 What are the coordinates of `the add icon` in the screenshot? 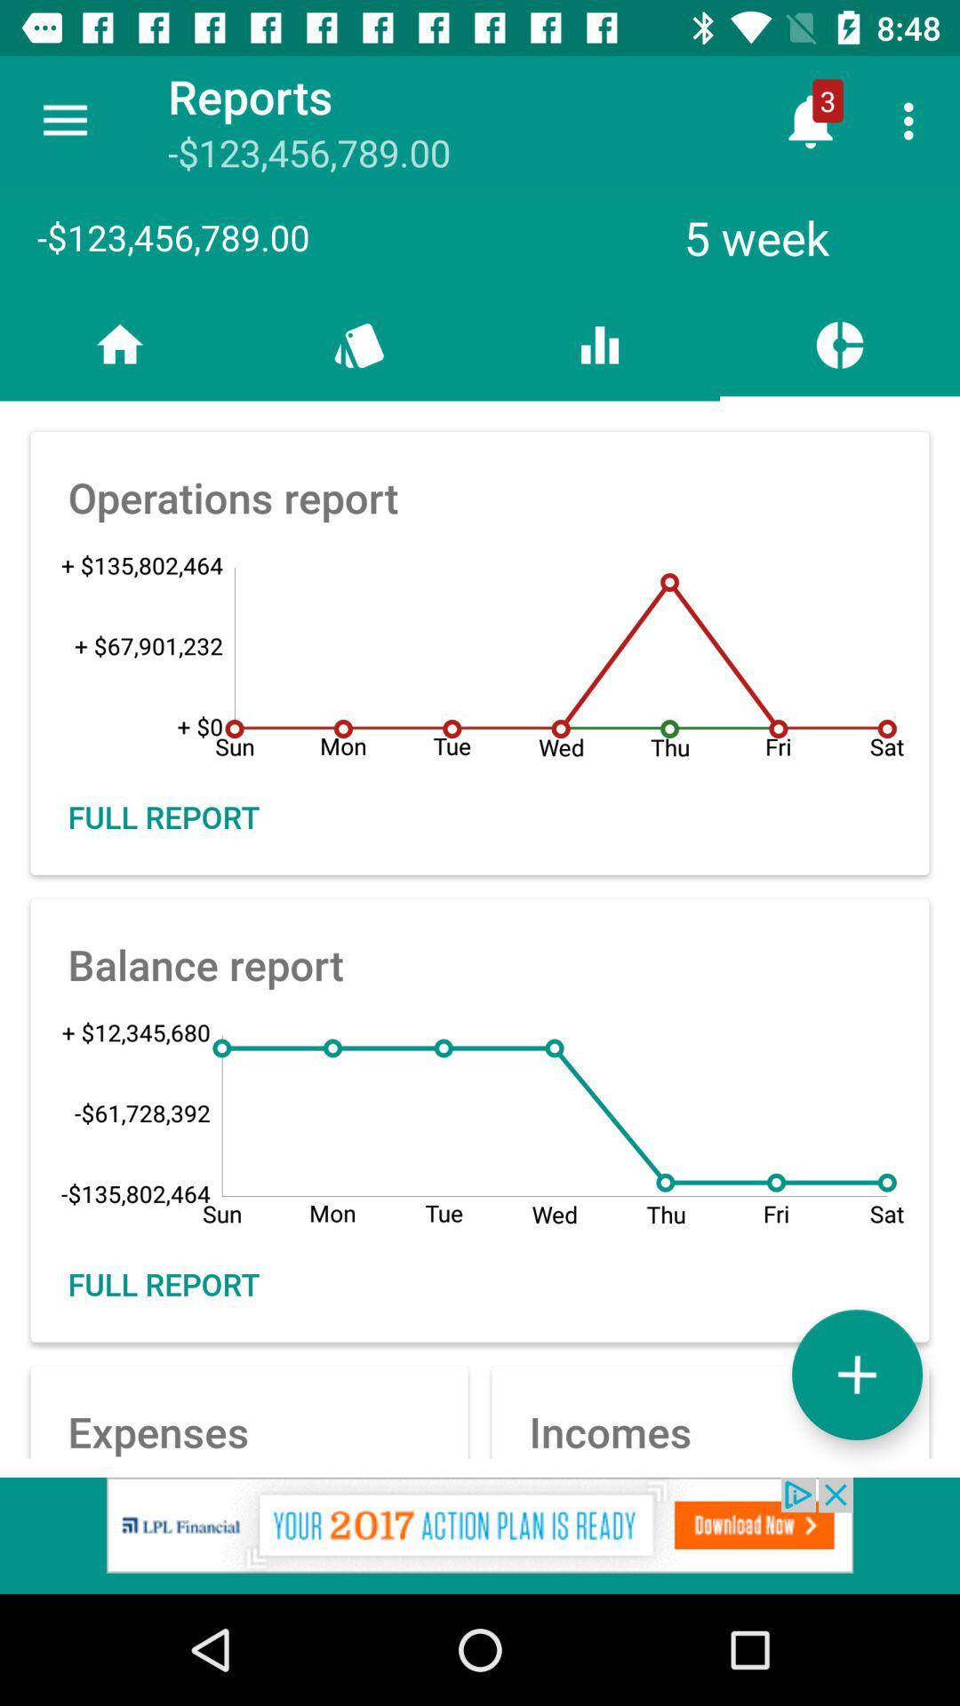 It's located at (856, 1374).